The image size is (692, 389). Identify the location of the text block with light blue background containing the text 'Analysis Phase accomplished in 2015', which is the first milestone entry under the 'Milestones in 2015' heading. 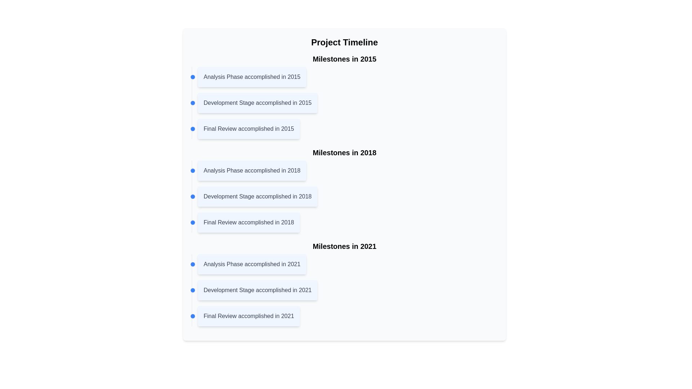
(252, 77).